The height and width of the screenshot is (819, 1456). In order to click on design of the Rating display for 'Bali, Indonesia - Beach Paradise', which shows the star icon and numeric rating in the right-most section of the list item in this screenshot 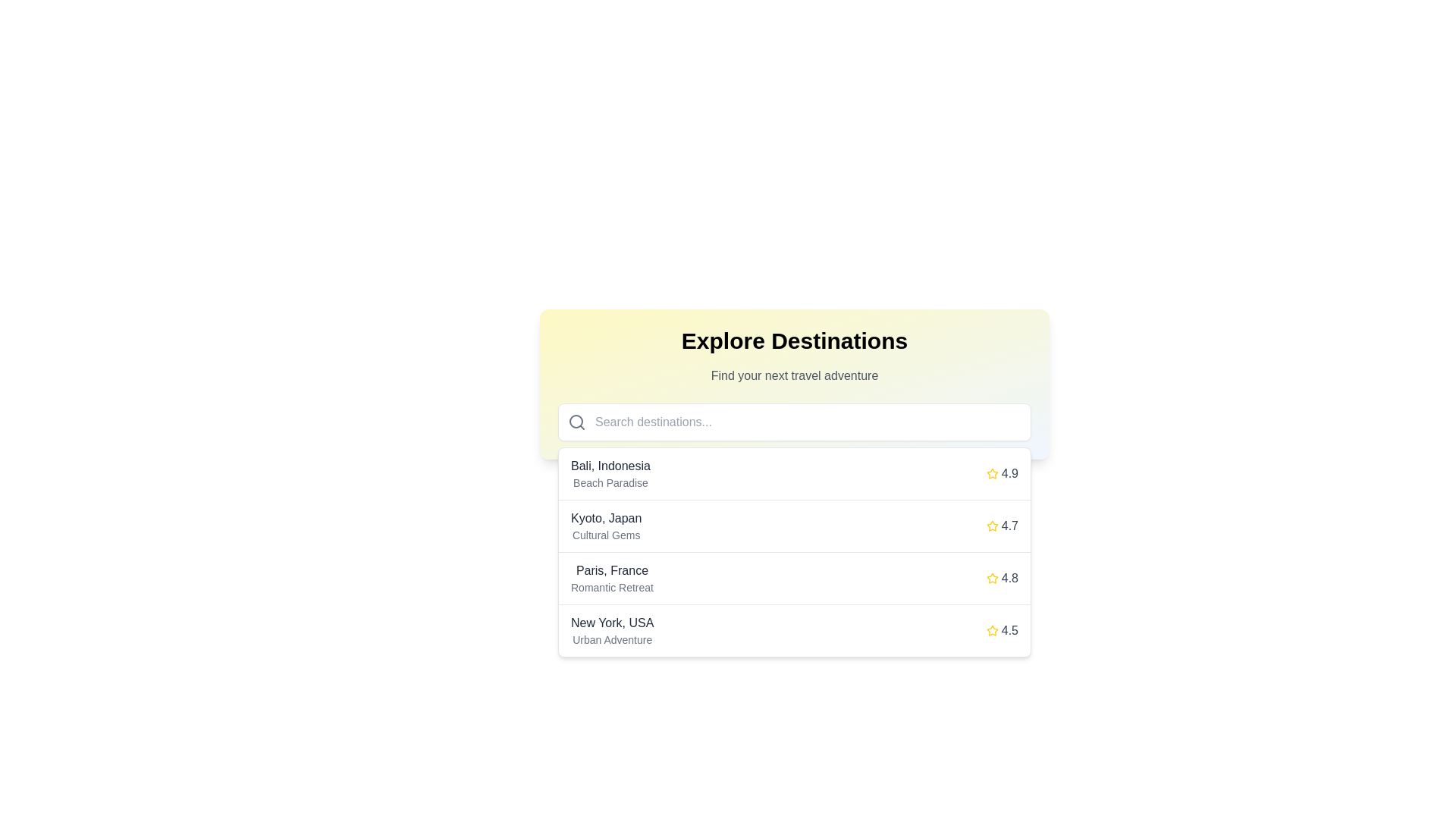, I will do `click(1002, 472)`.